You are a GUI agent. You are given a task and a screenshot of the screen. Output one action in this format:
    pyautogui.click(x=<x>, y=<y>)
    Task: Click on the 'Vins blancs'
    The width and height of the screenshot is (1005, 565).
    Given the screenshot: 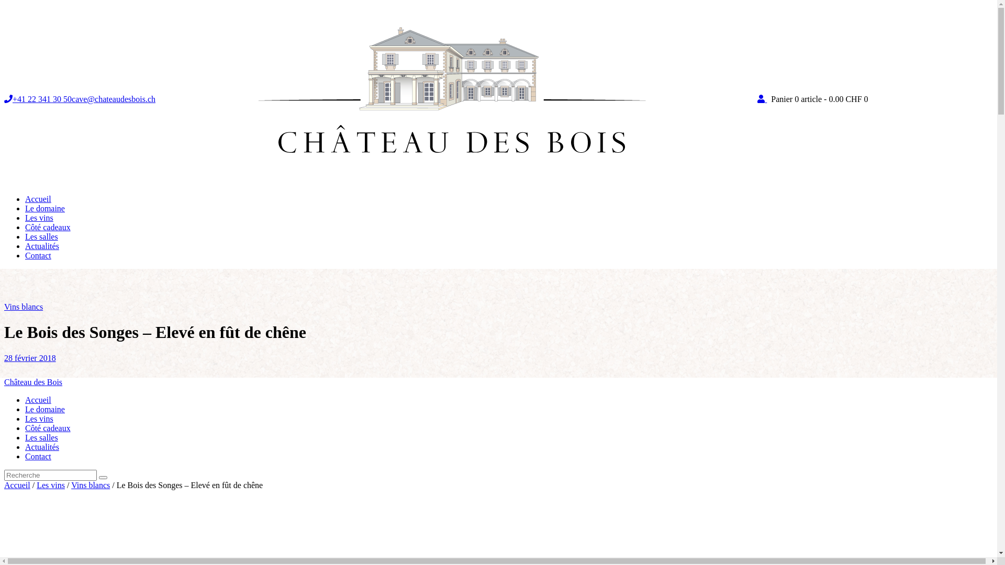 What is the action you would take?
    pyautogui.click(x=90, y=485)
    